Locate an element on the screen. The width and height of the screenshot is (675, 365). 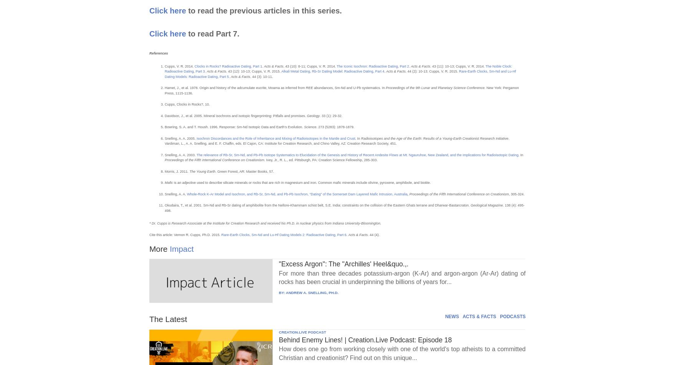
'The Noble Clock: Radioactive Dating, Part 3' is located at coordinates (164, 68).